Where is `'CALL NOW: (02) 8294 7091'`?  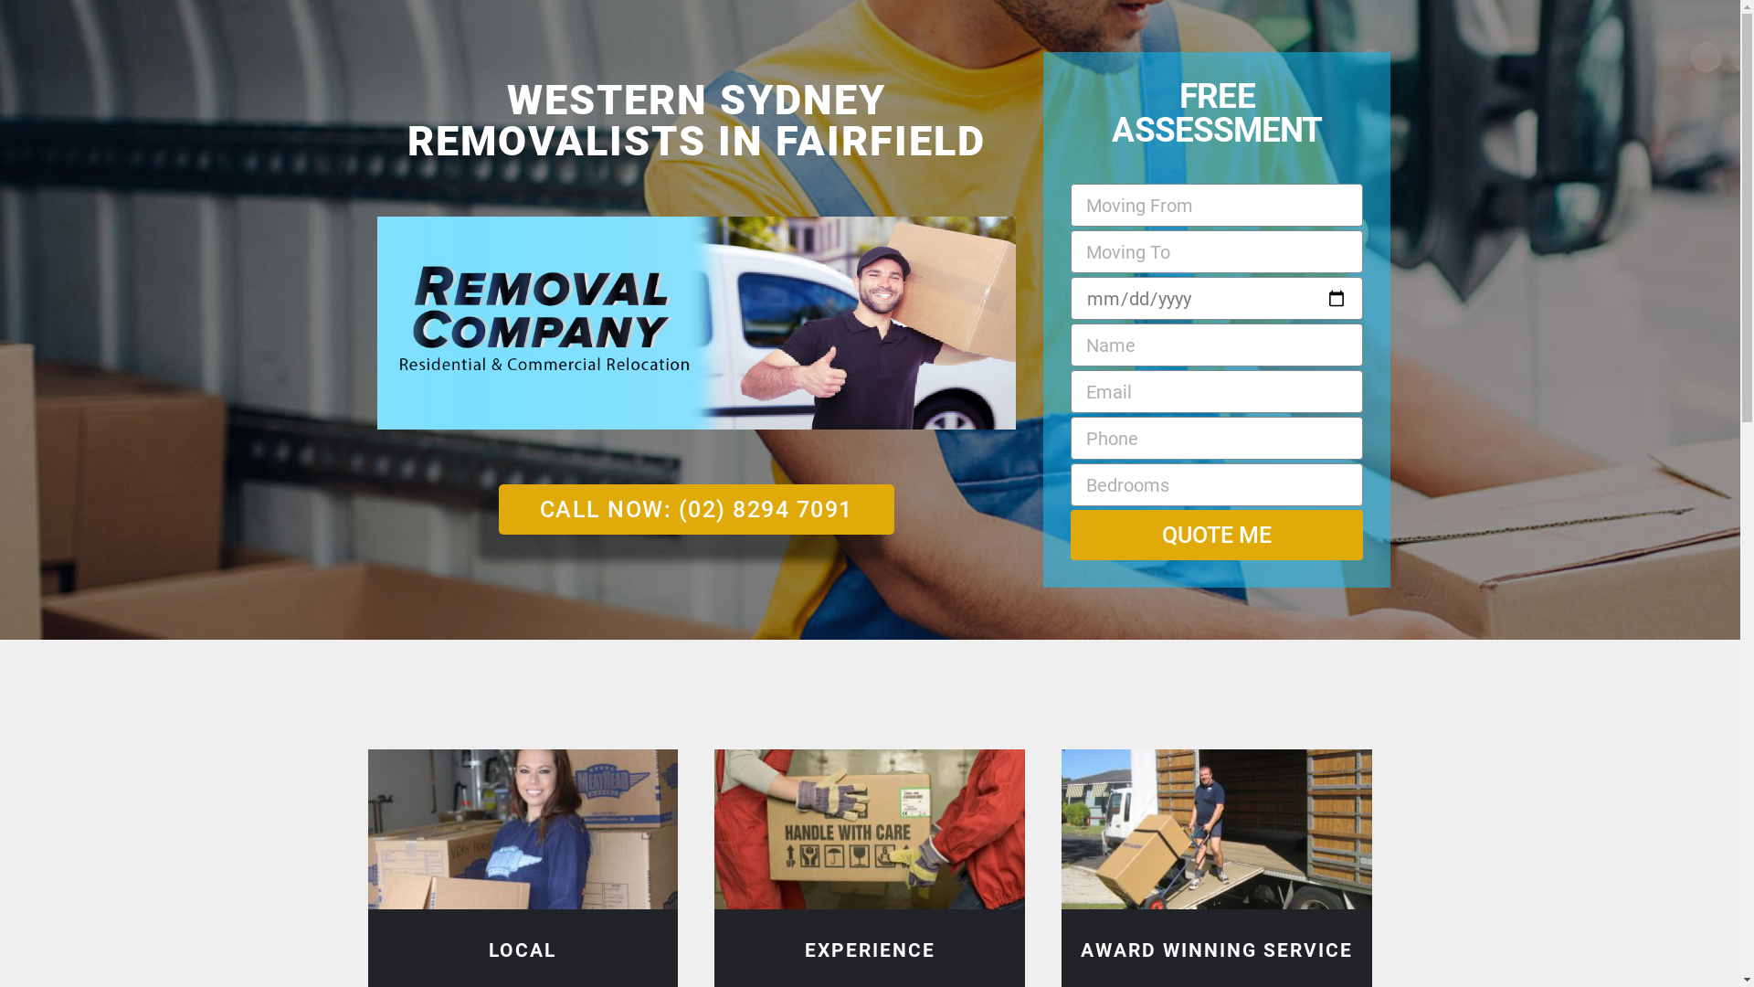 'CALL NOW: (02) 8294 7091' is located at coordinates (695, 509).